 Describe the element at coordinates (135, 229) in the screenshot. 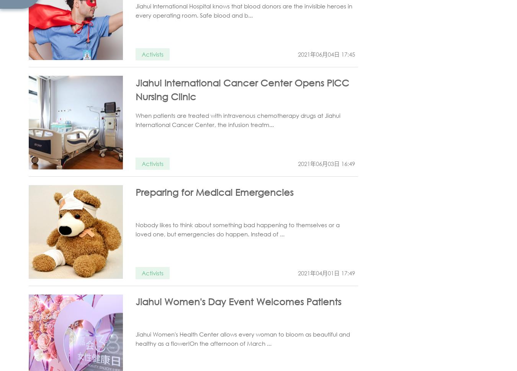

I see `'Nobody likes to think about something bad happening to themselves or a loved one, but emergencies do happen. Instead of ...'` at that location.